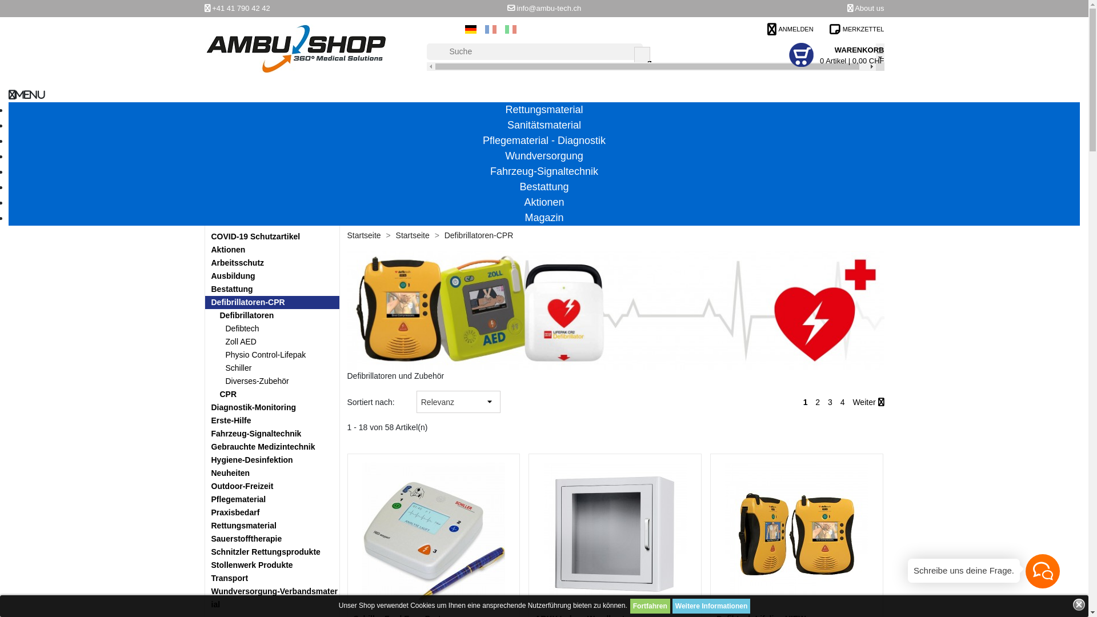 The height and width of the screenshot is (617, 1097). Describe the element at coordinates (205, 235) in the screenshot. I see `'COVID-19 Schutzartikel'` at that location.